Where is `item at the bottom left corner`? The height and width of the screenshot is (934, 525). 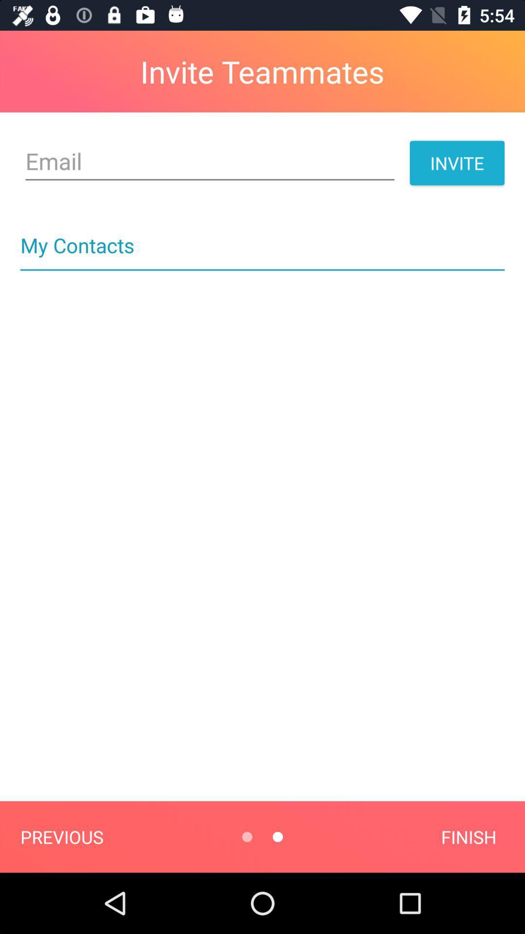 item at the bottom left corner is located at coordinates (62, 836).